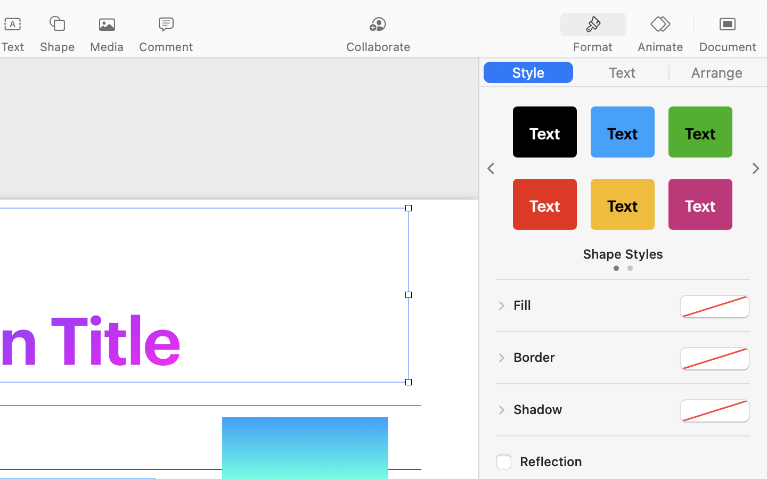  Describe the element at coordinates (537, 408) in the screenshot. I see `'Shadow'` at that location.